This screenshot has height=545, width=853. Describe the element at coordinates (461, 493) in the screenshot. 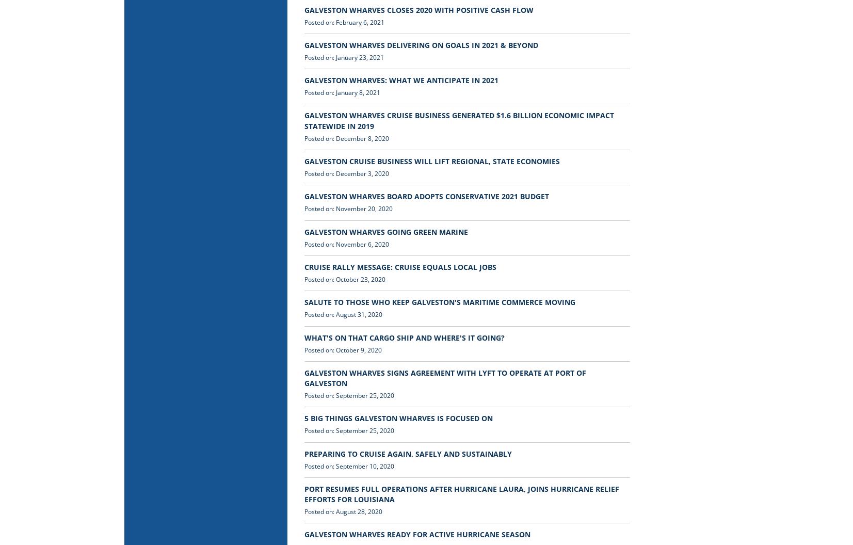

I see `'PORT RESUMES FULL OPERATIONS AFTER HURRICANE LAURA, JOINS HURRICANE RELIEF EFFORTS FOR LOUISIANA'` at that location.